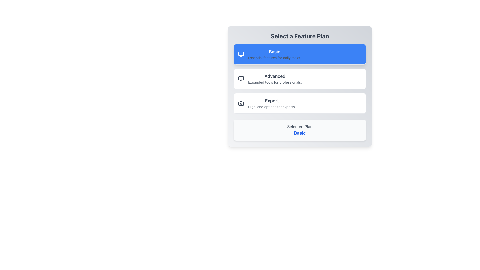 The image size is (480, 270). Describe the element at coordinates (275, 79) in the screenshot. I see `the 'Advanced' feature plan text label` at that location.